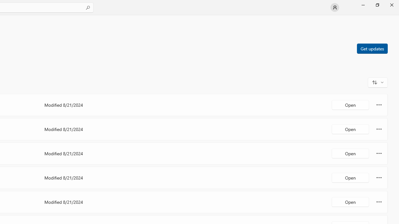 The image size is (399, 224). I want to click on 'Get updates', so click(372, 48).